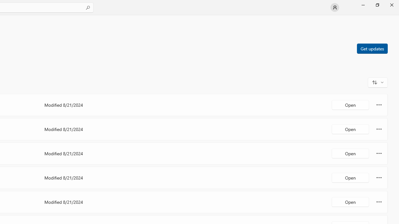 The image size is (399, 224). I want to click on 'Get updates', so click(372, 48).